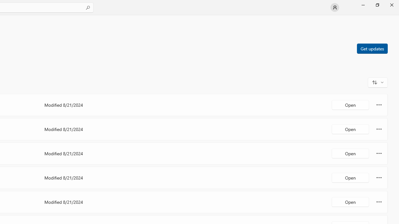 The image size is (399, 224). I want to click on 'Get updates', so click(372, 48).